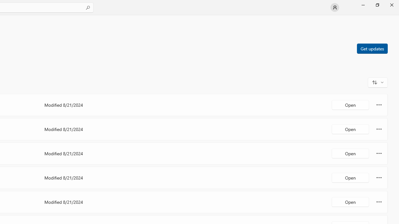 The image size is (399, 224). I want to click on 'Get updates', so click(372, 48).